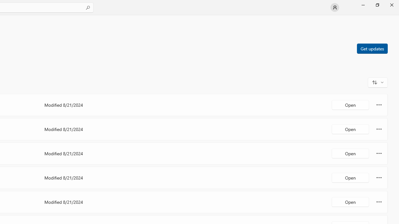 The image size is (399, 224). I want to click on 'Get updates', so click(372, 48).